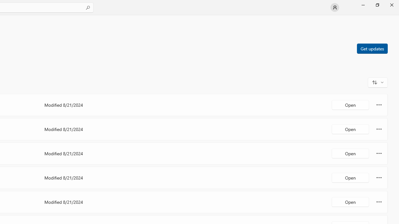 The image size is (399, 224). I want to click on 'Get updates', so click(372, 48).